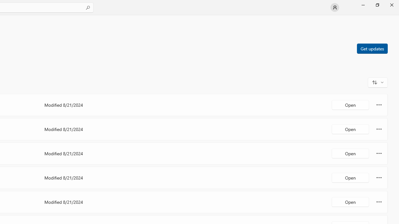 The image size is (399, 224). I want to click on 'Get updates', so click(372, 48).